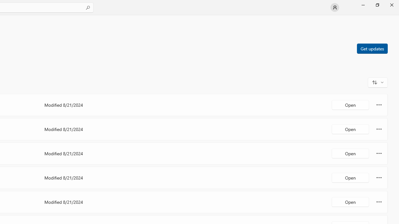 The image size is (399, 224). I want to click on 'Get updates', so click(372, 48).